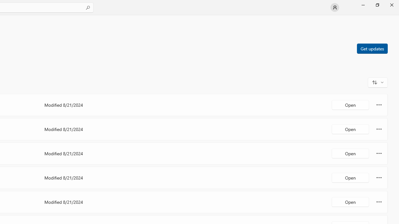 The image size is (399, 224). I want to click on 'Get updates', so click(372, 48).